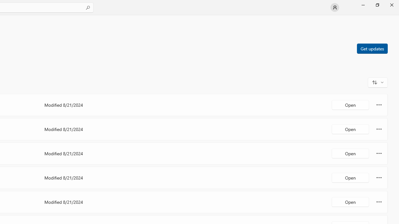 The image size is (399, 224). I want to click on 'Get updates', so click(372, 48).